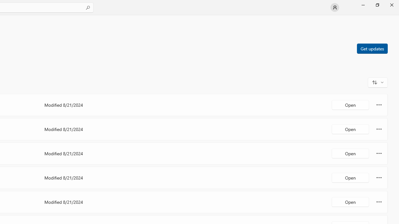 The image size is (399, 224). I want to click on 'Get updates', so click(372, 48).